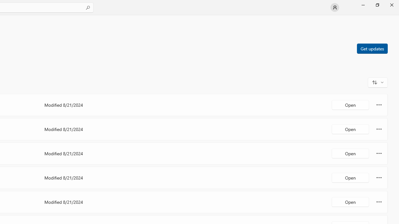 The image size is (399, 224). I want to click on 'Get updates', so click(372, 48).